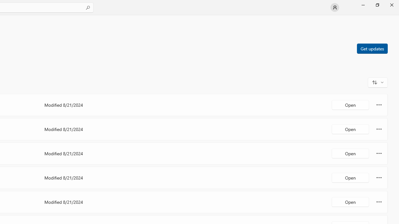 The image size is (399, 224). I want to click on 'Get updates', so click(372, 48).